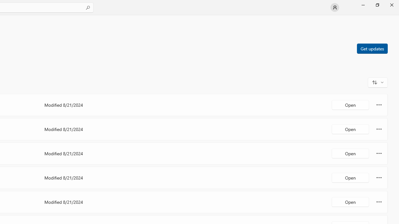 The image size is (399, 224). I want to click on 'Get updates', so click(372, 48).